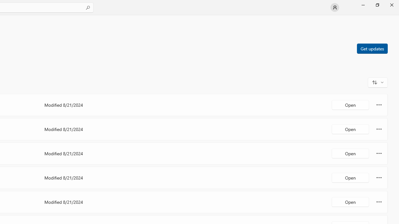 The image size is (399, 224). I want to click on 'Get updates', so click(372, 48).